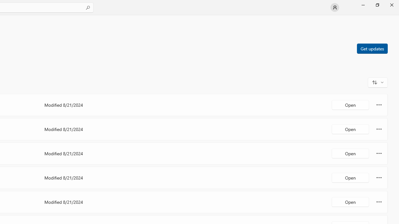 The image size is (399, 224). I want to click on 'Get updates', so click(372, 48).